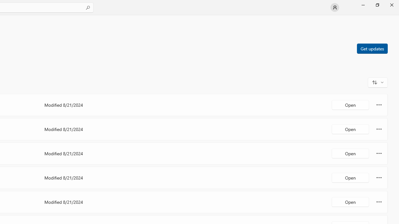 The image size is (399, 224). I want to click on 'Get updates', so click(372, 48).